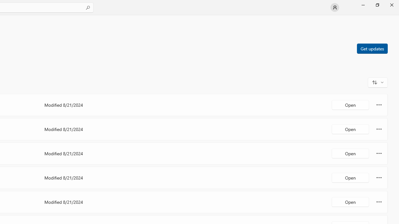 The image size is (399, 224). I want to click on 'Get updates', so click(372, 48).